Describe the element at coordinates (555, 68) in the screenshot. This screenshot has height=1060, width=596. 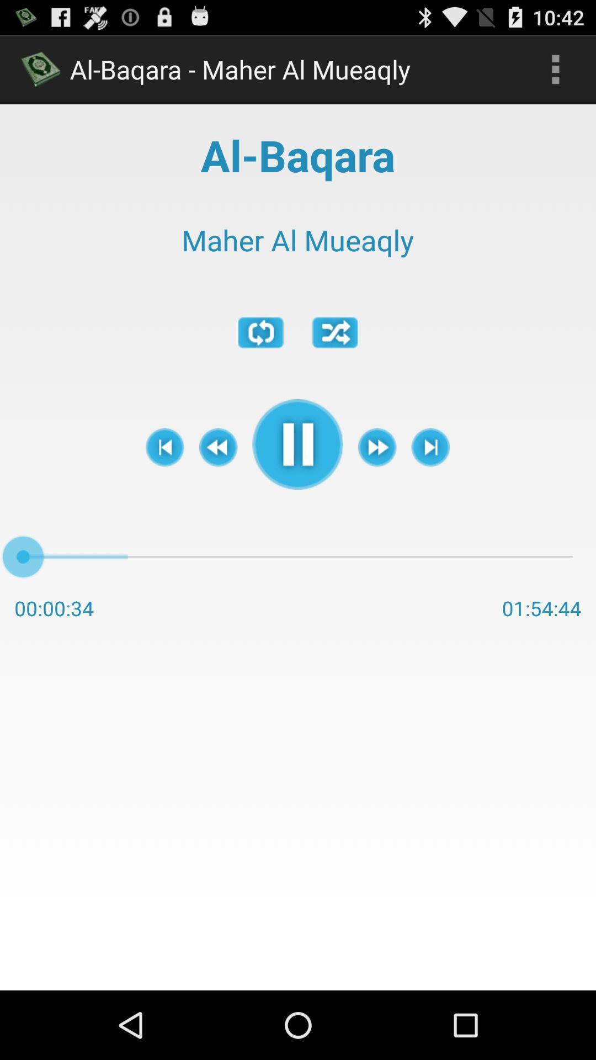
I see `the item next to al baqara maher app` at that location.